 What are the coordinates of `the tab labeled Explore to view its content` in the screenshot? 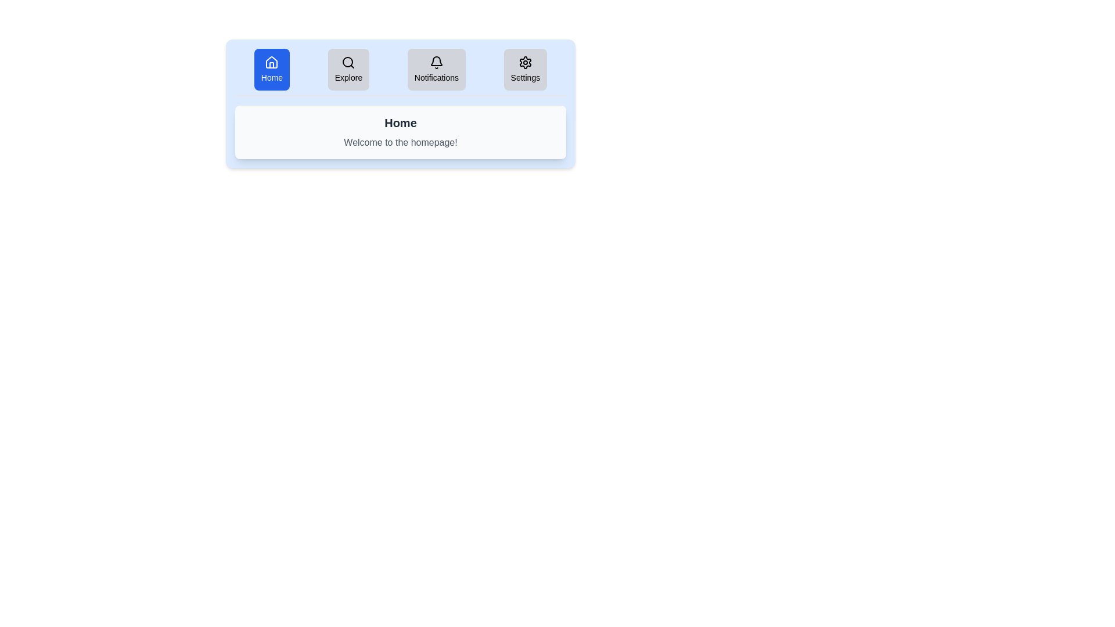 It's located at (348, 69).